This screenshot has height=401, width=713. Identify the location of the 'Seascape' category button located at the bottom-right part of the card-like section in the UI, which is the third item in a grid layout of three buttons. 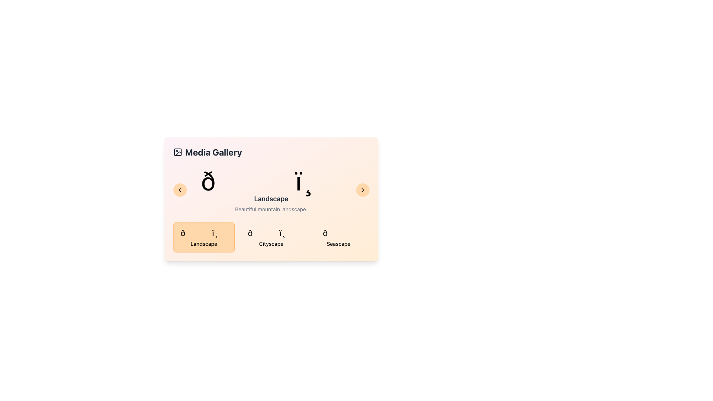
(338, 237).